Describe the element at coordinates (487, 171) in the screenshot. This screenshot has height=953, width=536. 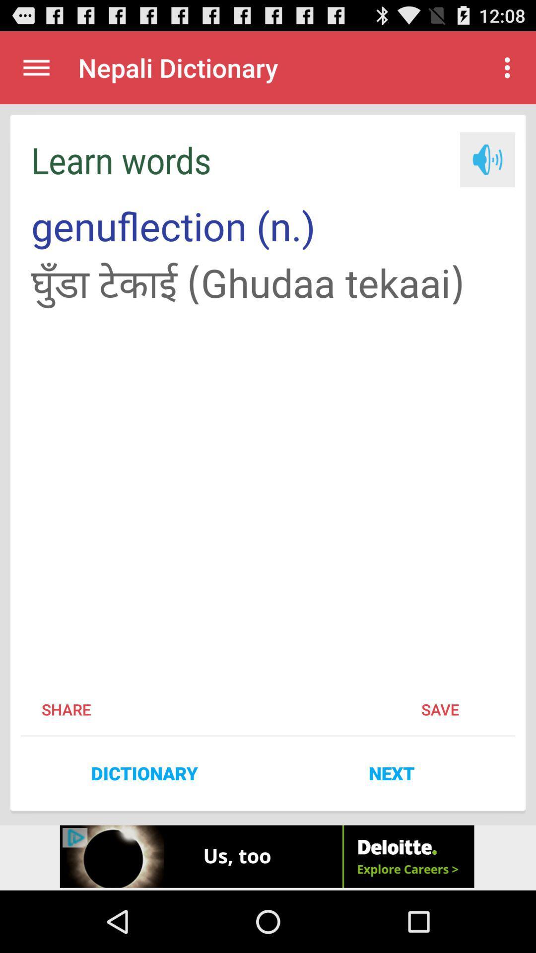
I see `the volume icon` at that location.